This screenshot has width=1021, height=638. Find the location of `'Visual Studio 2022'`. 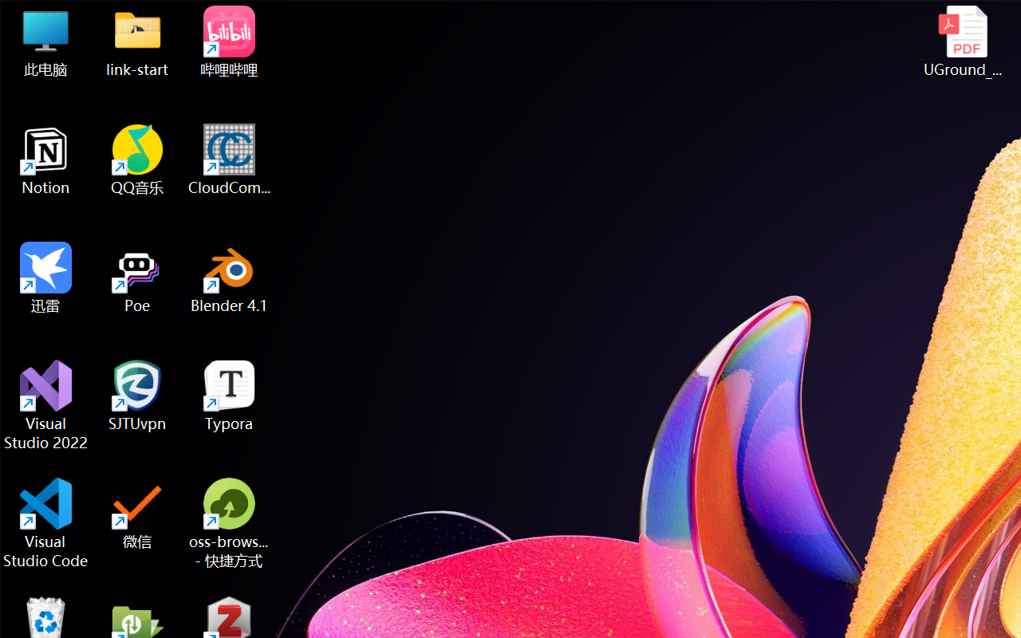

'Visual Studio 2022' is located at coordinates (45, 404).